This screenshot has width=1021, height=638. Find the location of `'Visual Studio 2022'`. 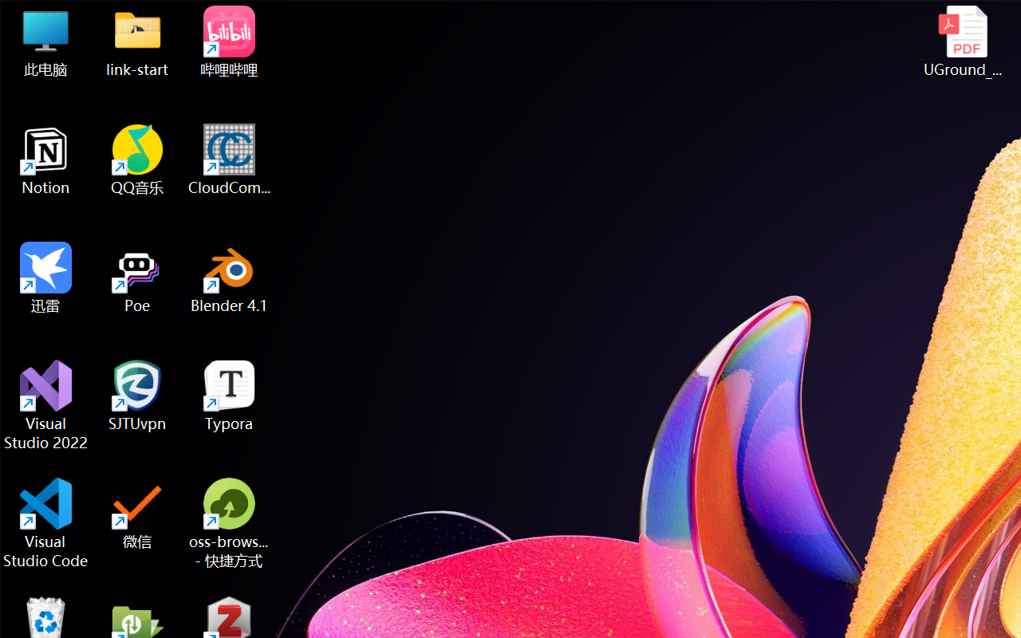

'Visual Studio 2022' is located at coordinates (45, 404).